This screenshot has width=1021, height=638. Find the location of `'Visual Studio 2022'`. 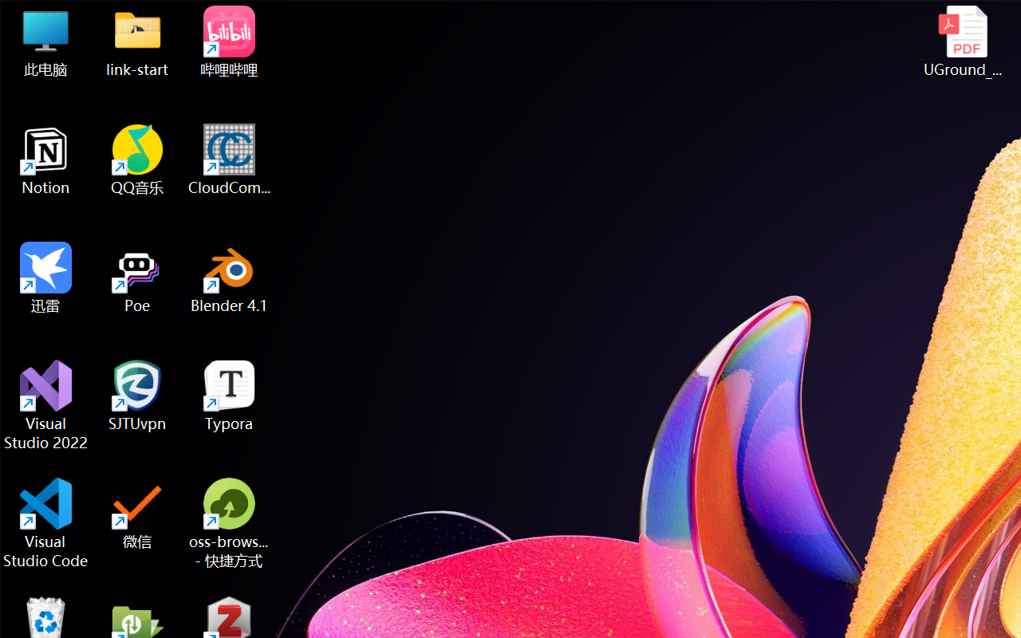

'Visual Studio 2022' is located at coordinates (45, 404).